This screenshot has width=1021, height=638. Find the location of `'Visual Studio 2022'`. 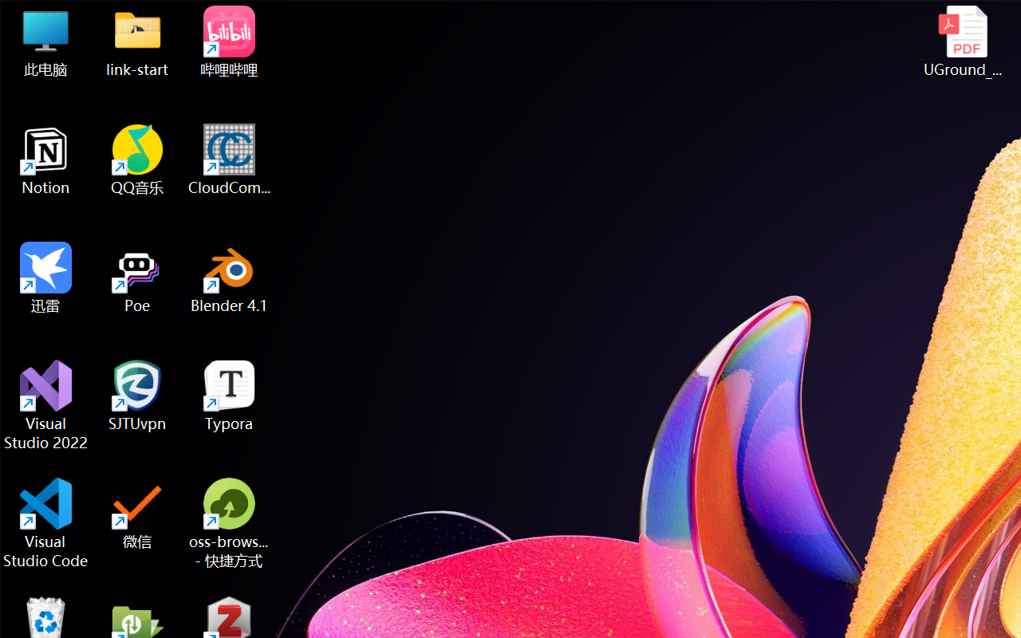

'Visual Studio 2022' is located at coordinates (45, 404).